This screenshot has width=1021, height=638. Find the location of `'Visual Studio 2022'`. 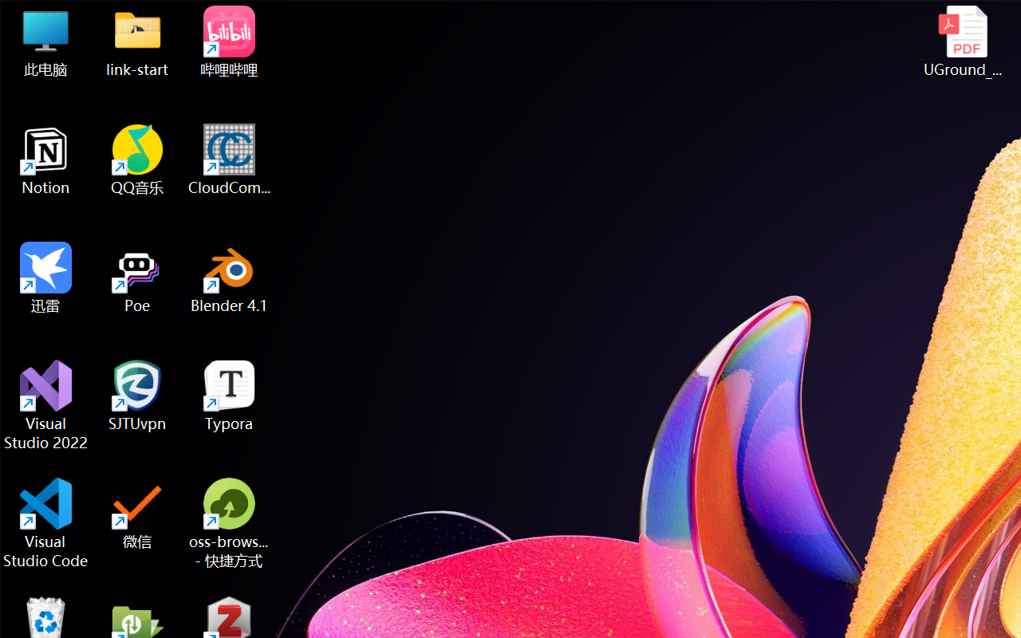

'Visual Studio 2022' is located at coordinates (45, 404).